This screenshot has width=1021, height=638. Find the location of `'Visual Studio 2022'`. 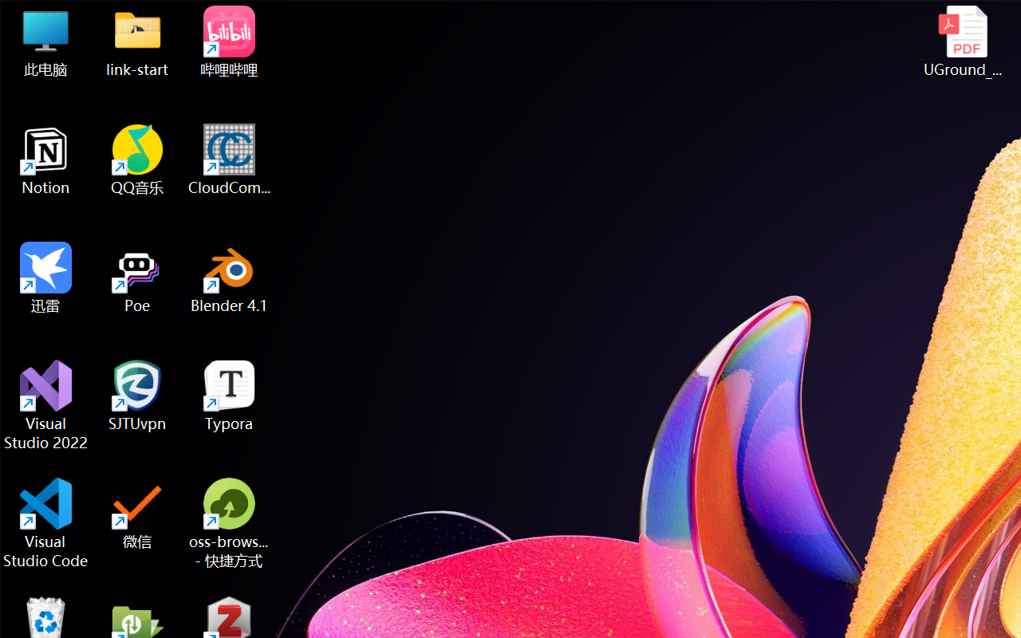

'Visual Studio 2022' is located at coordinates (45, 404).